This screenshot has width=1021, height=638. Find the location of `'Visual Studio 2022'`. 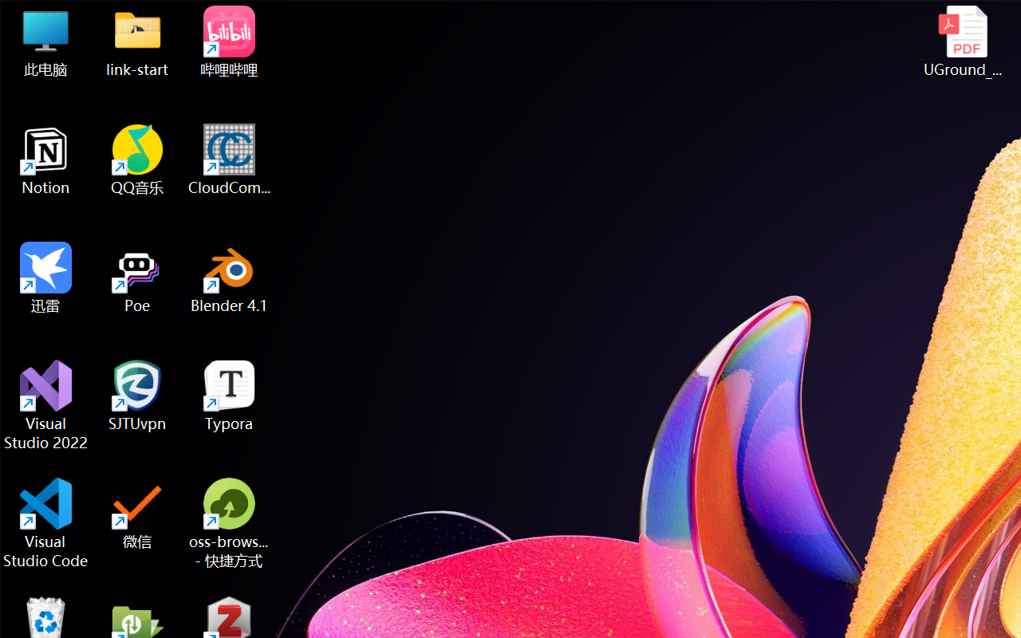

'Visual Studio 2022' is located at coordinates (45, 404).